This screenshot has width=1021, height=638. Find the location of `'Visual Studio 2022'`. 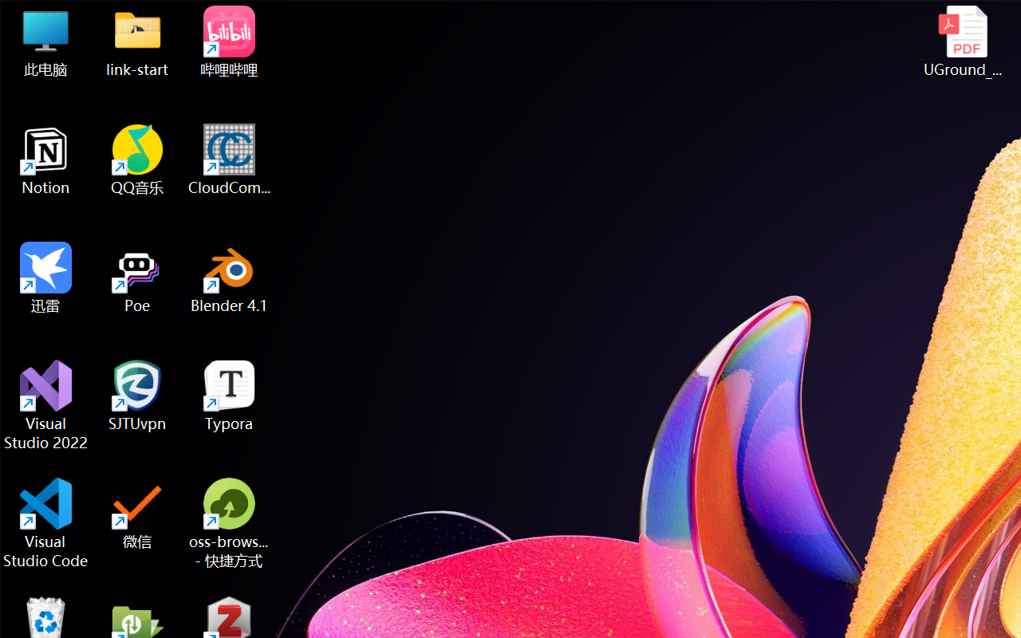

'Visual Studio 2022' is located at coordinates (45, 404).